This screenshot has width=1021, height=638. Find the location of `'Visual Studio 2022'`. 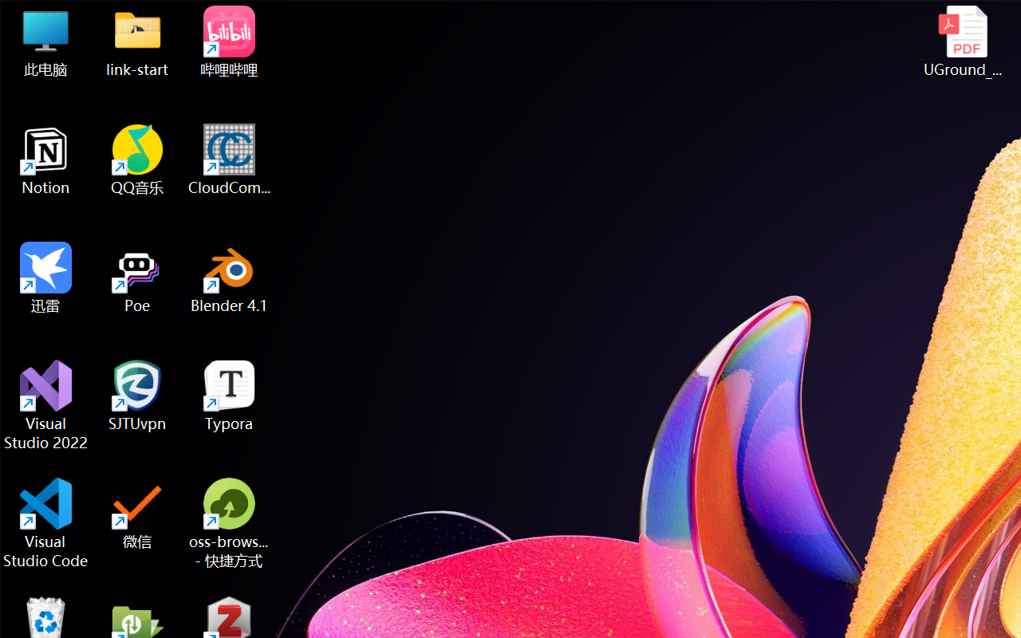

'Visual Studio 2022' is located at coordinates (45, 404).